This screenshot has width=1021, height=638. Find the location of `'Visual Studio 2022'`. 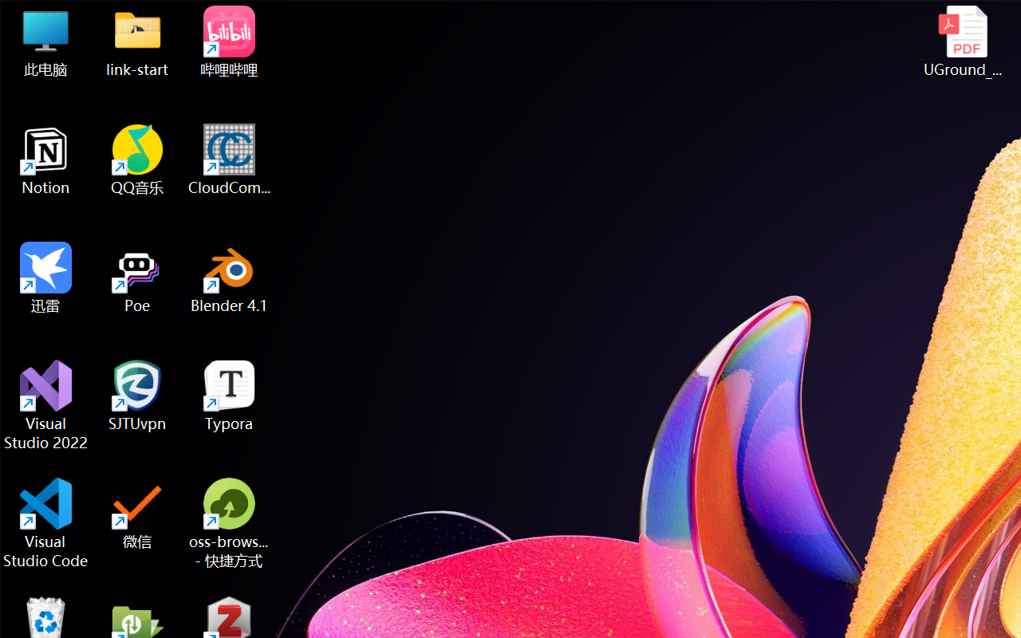

'Visual Studio 2022' is located at coordinates (45, 404).